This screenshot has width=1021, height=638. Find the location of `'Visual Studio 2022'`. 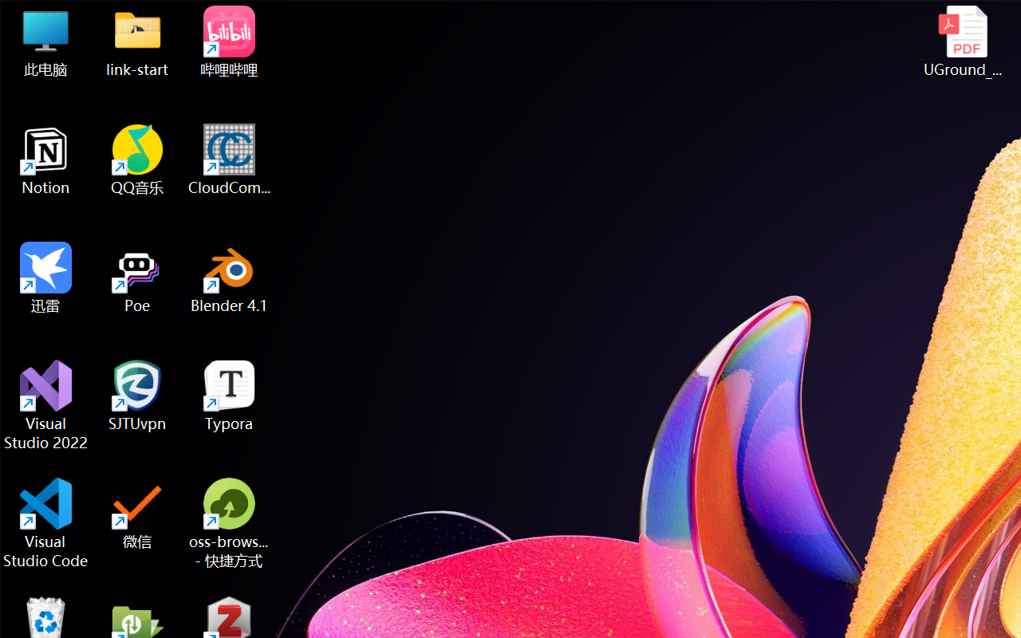

'Visual Studio 2022' is located at coordinates (45, 404).